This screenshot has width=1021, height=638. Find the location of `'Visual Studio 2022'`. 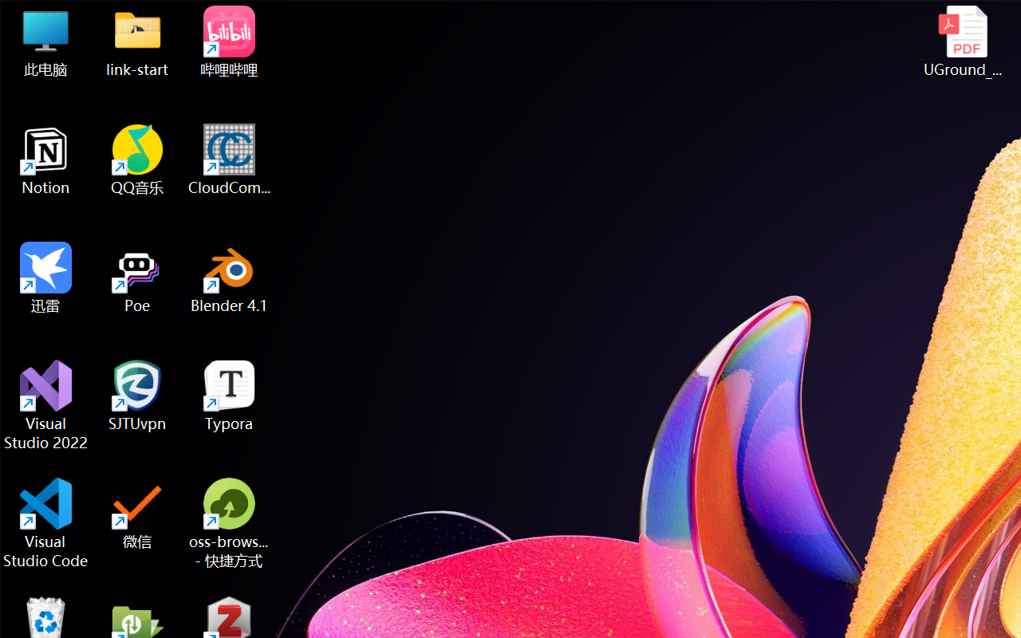

'Visual Studio 2022' is located at coordinates (45, 404).